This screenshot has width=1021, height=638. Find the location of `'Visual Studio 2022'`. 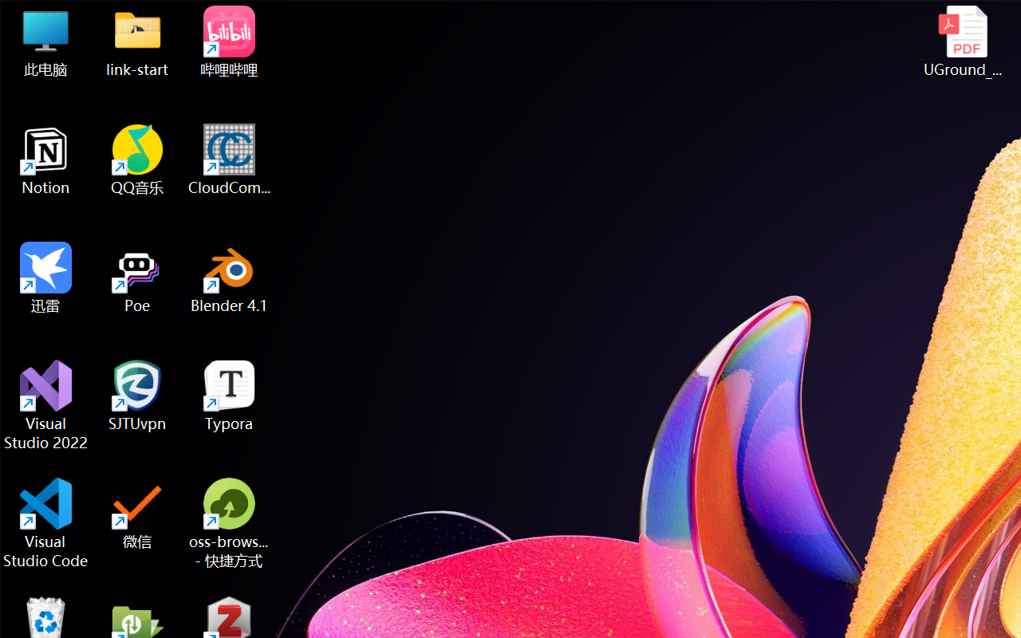

'Visual Studio 2022' is located at coordinates (45, 404).